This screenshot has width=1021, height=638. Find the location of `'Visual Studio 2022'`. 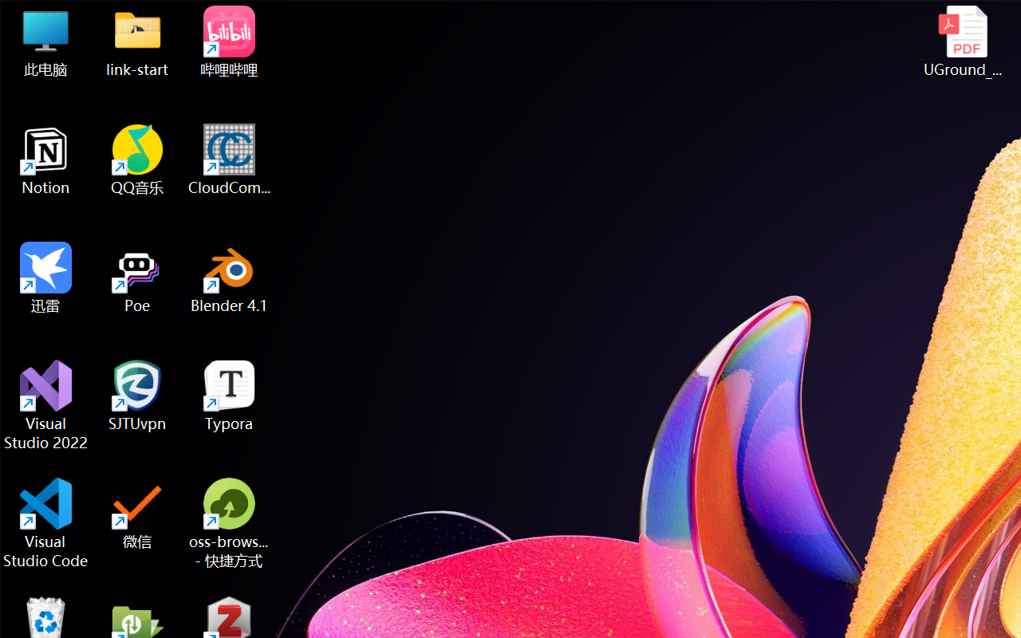

'Visual Studio 2022' is located at coordinates (45, 404).